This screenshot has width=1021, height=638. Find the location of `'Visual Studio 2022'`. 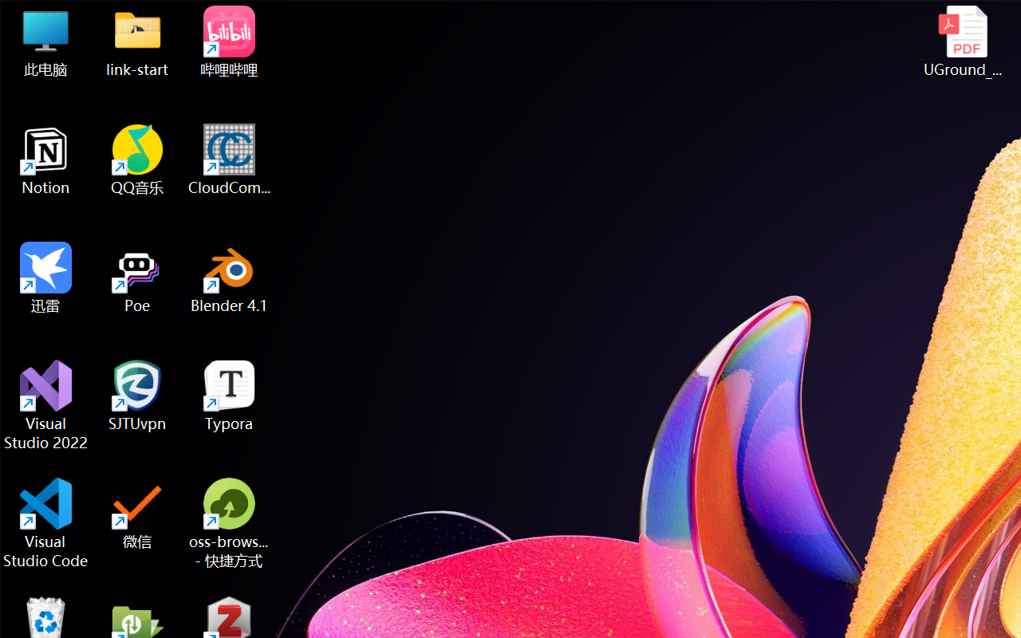

'Visual Studio 2022' is located at coordinates (45, 404).